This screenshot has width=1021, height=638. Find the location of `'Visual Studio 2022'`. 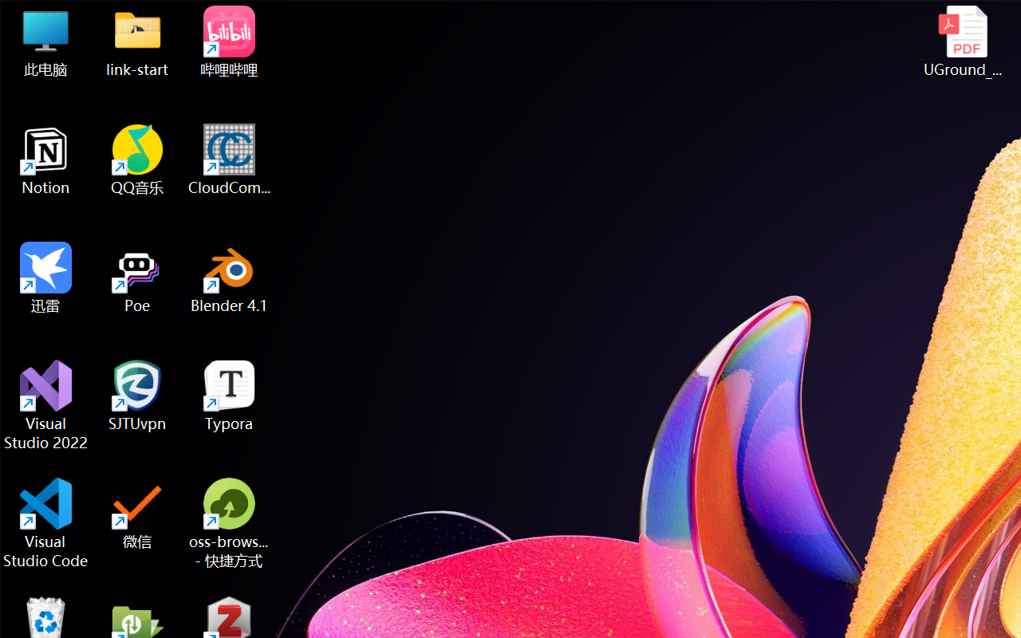

'Visual Studio 2022' is located at coordinates (45, 404).